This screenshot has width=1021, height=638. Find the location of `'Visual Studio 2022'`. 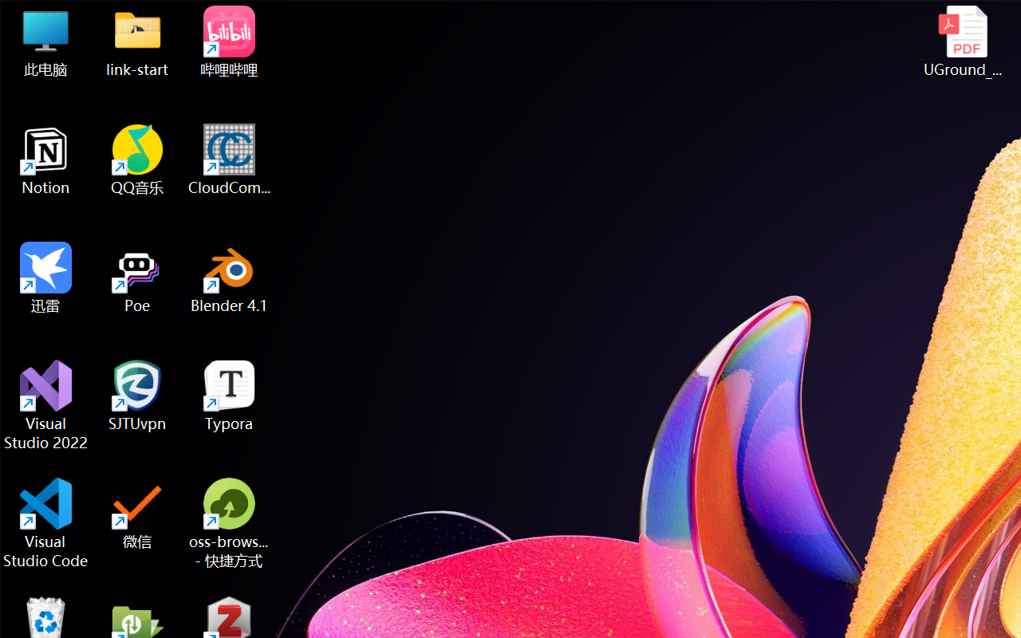

'Visual Studio 2022' is located at coordinates (45, 404).